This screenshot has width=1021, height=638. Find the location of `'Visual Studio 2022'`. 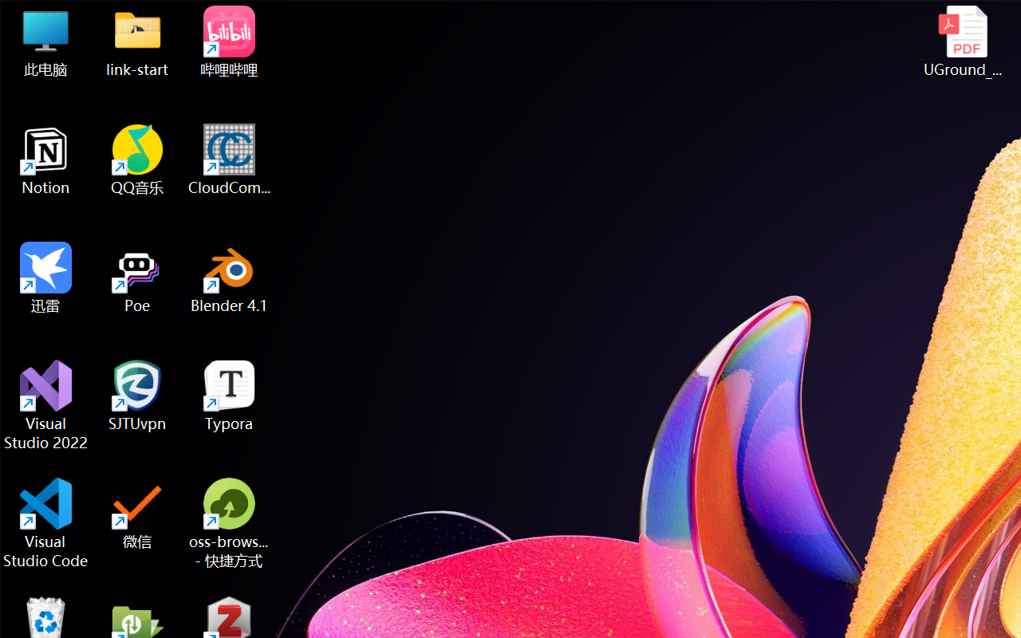

'Visual Studio 2022' is located at coordinates (45, 404).